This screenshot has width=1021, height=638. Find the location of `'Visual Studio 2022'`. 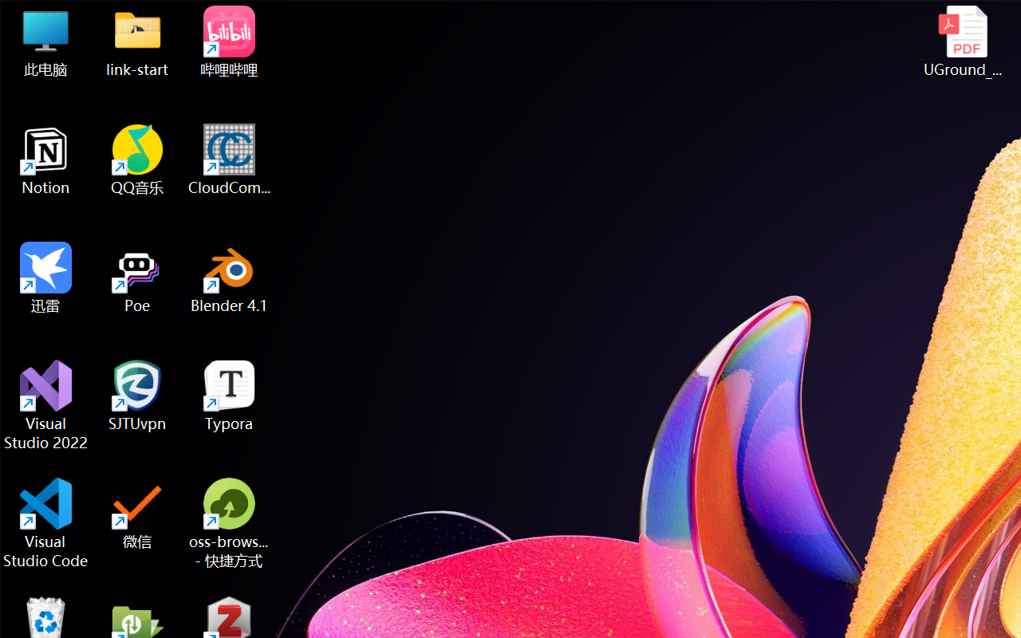

'Visual Studio 2022' is located at coordinates (45, 404).